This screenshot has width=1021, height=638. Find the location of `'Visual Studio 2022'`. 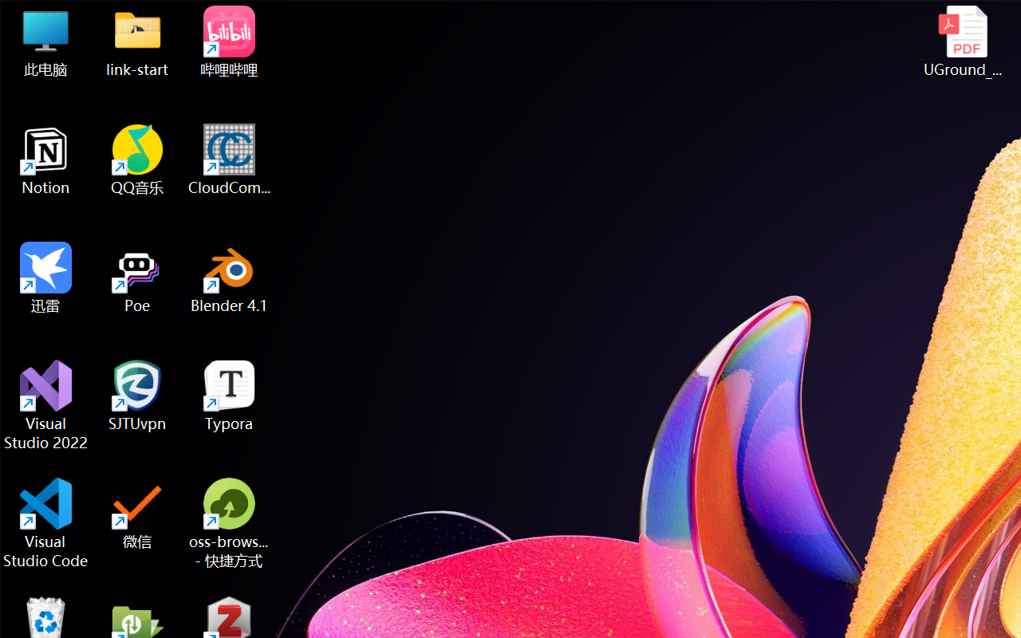

'Visual Studio 2022' is located at coordinates (45, 404).